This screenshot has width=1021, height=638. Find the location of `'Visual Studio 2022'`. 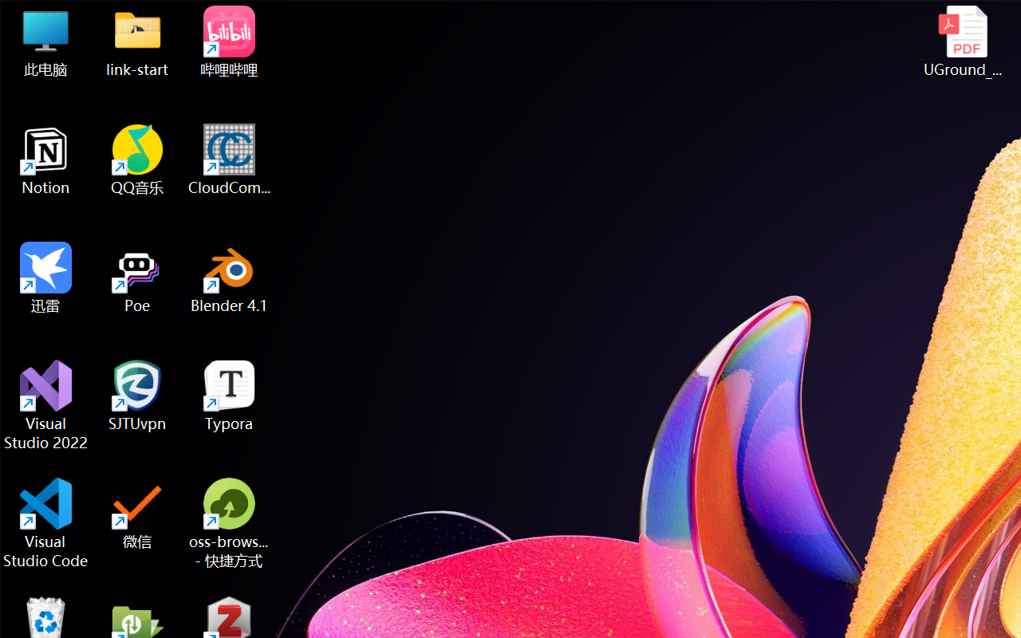

'Visual Studio 2022' is located at coordinates (45, 404).